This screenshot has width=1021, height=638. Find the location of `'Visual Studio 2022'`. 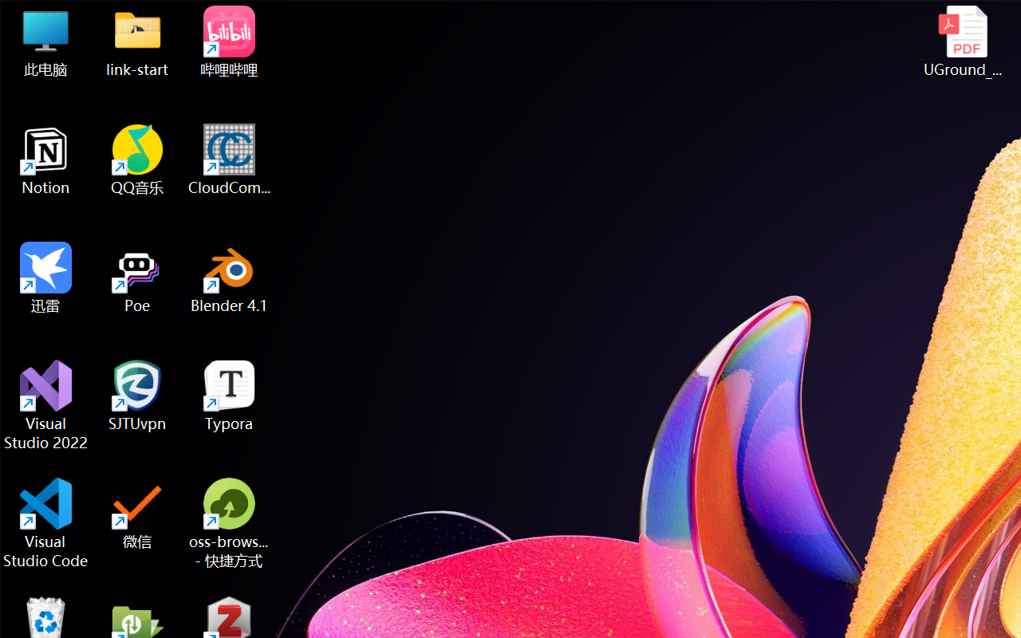

'Visual Studio 2022' is located at coordinates (45, 404).